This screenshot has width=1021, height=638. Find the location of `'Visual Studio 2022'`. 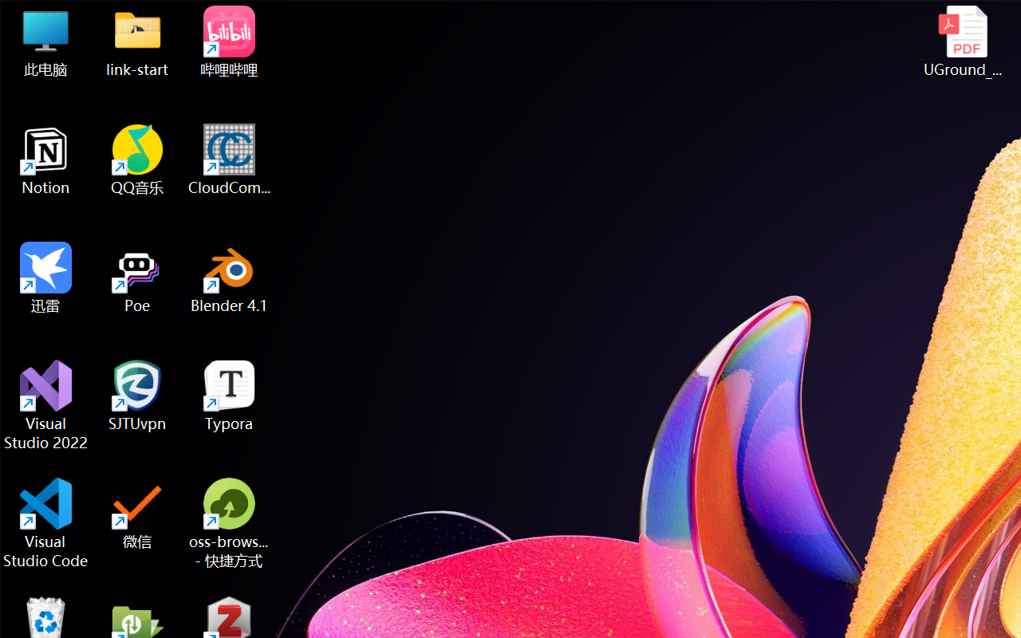

'Visual Studio 2022' is located at coordinates (45, 404).